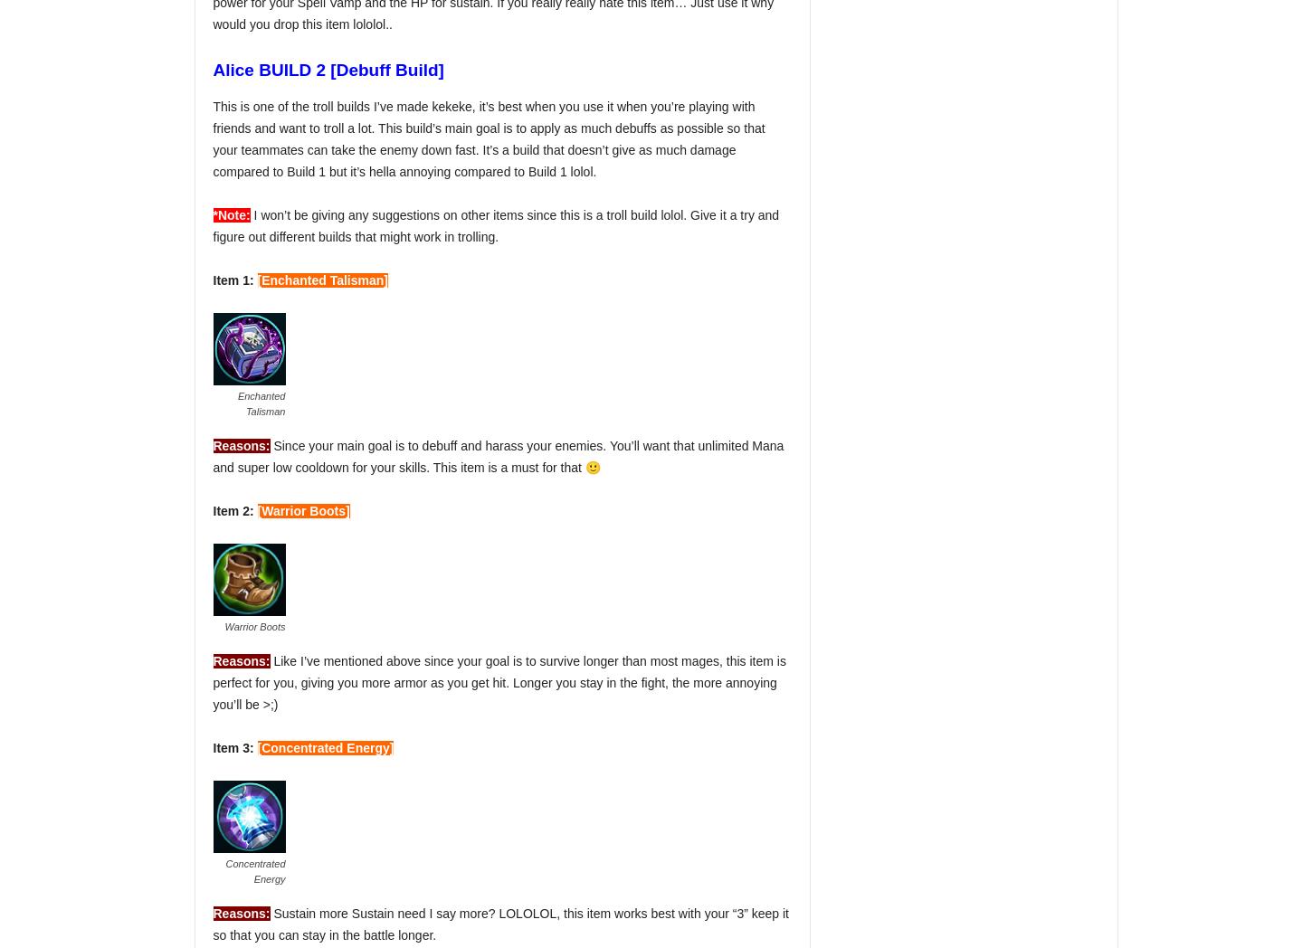 The width and height of the screenshot is (1312, 948). Describe the element at coordinates (234, 746) in the screenshot. I see `'Item 3:'` at that location.